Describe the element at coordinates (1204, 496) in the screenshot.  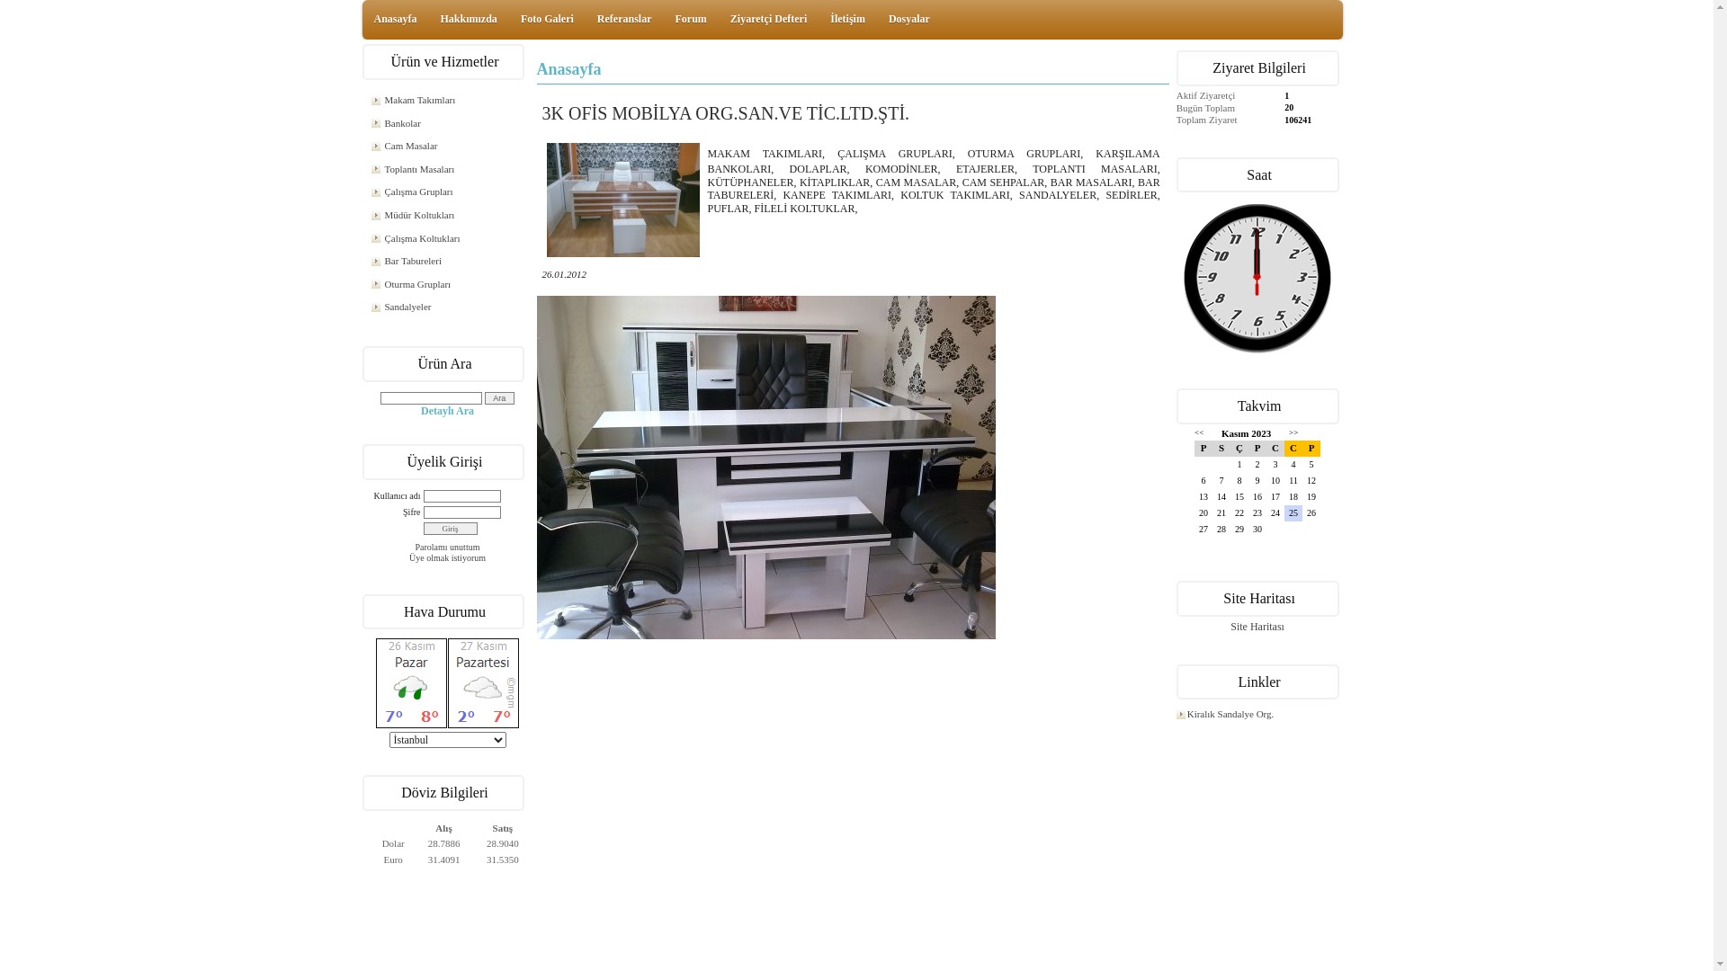
I see `'13'` at that location.